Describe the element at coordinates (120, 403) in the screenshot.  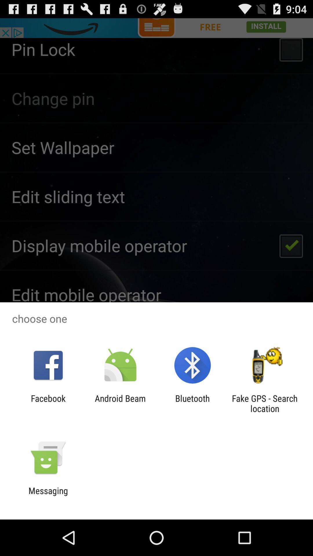
I see `android beam icon` at that location.